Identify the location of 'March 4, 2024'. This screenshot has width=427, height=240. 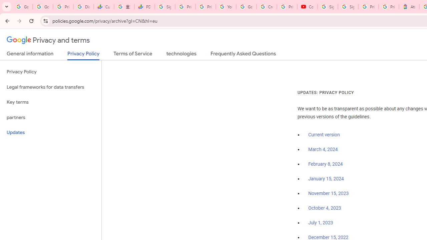
(323, 149).